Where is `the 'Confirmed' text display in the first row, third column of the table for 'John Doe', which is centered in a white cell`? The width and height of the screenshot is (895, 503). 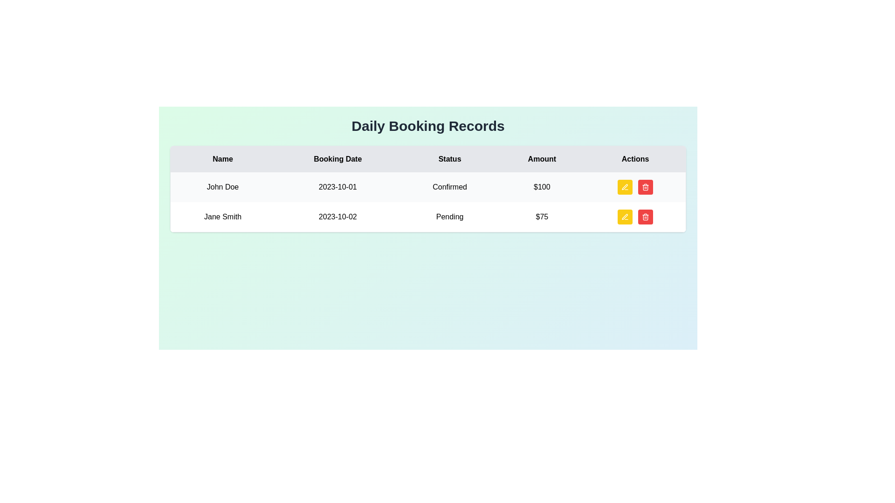 the 'Confirmed' text display in the first row, third column of the table for 'John Doe', which is centered in a white cell is located at coordinates (450, 187).